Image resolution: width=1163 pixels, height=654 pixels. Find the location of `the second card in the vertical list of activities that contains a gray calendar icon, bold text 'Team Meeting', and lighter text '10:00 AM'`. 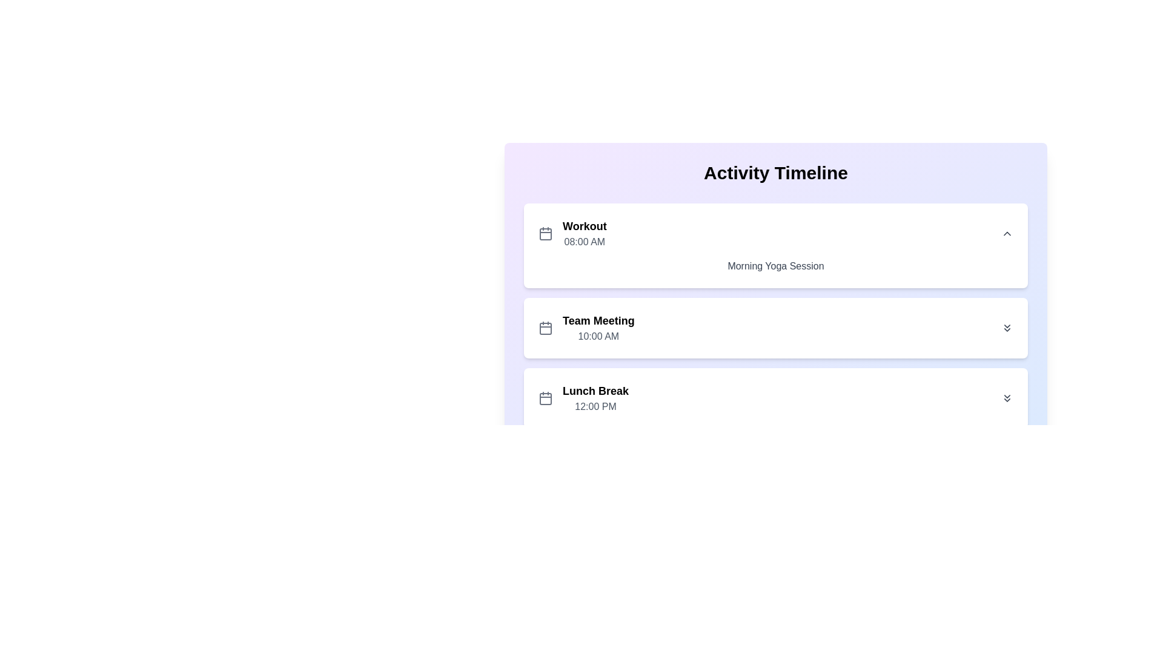

the second card in the vertical list of activities that contains a gray calendar icon, bold text 'Team Meeting', and lighter text '10:00 AM' is located at coordinates (586, 328).